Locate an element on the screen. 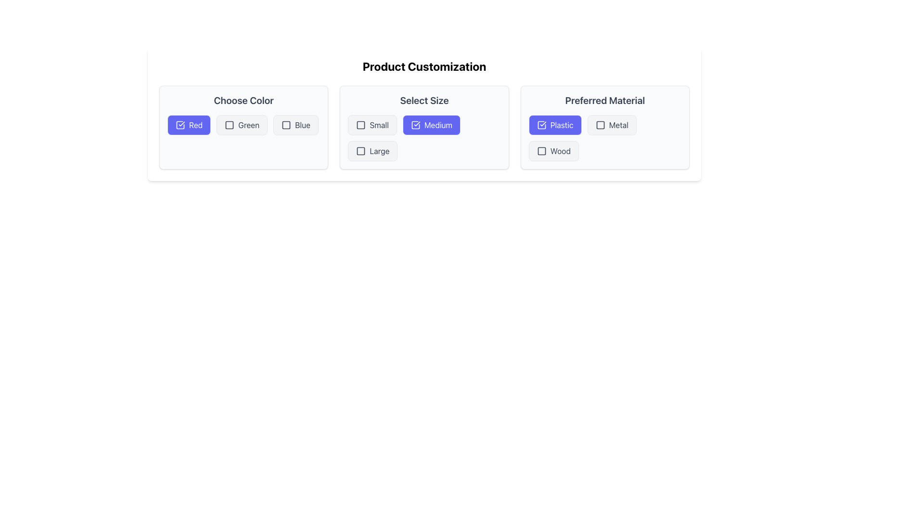 This screenshot has height=520, width=924. text label displaying 'Large', which is located next to a checkbox in the 'Select Size' group at the bottom left corner of the central panel is located at coordinates (379, 151).